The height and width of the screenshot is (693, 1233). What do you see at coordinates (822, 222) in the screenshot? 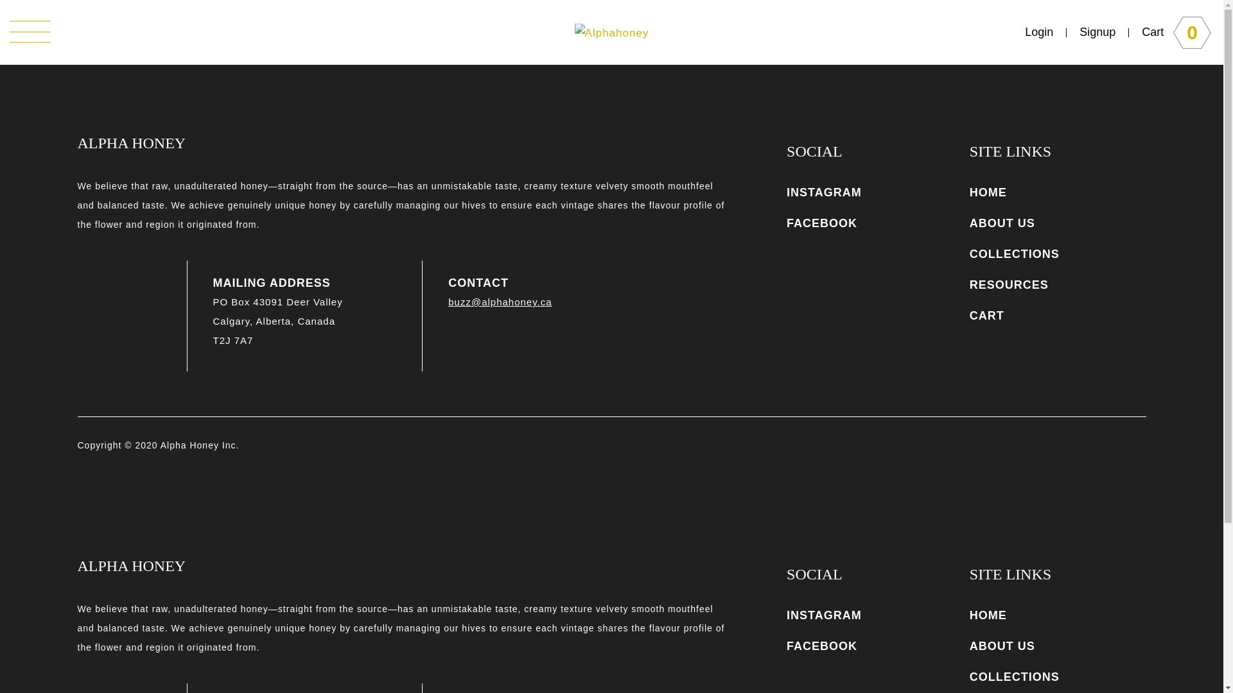
I see `'FACEBOOK'` at bounding box center [822, 222].